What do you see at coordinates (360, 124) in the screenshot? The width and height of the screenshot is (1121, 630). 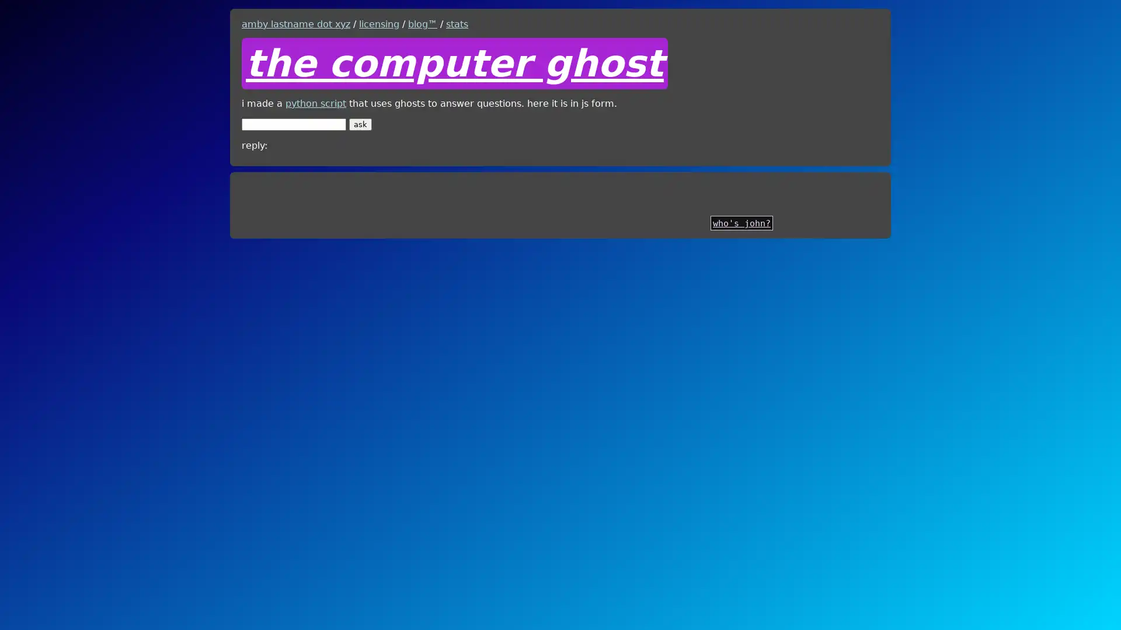 I see `ask` at bounding box center [360, 124].